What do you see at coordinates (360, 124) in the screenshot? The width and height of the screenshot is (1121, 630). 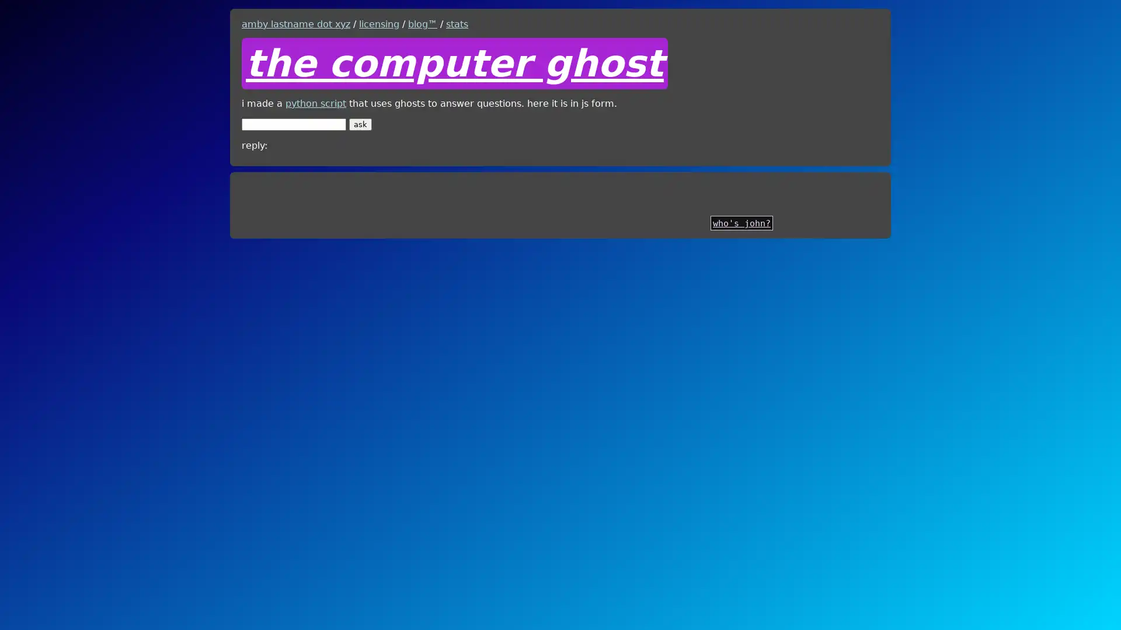 I see `ask` at bounding box center [360, 124].